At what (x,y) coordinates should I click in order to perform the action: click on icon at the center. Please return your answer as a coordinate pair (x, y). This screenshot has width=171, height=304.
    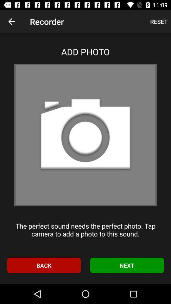
    Looking at the image, I should click on (85, 135).